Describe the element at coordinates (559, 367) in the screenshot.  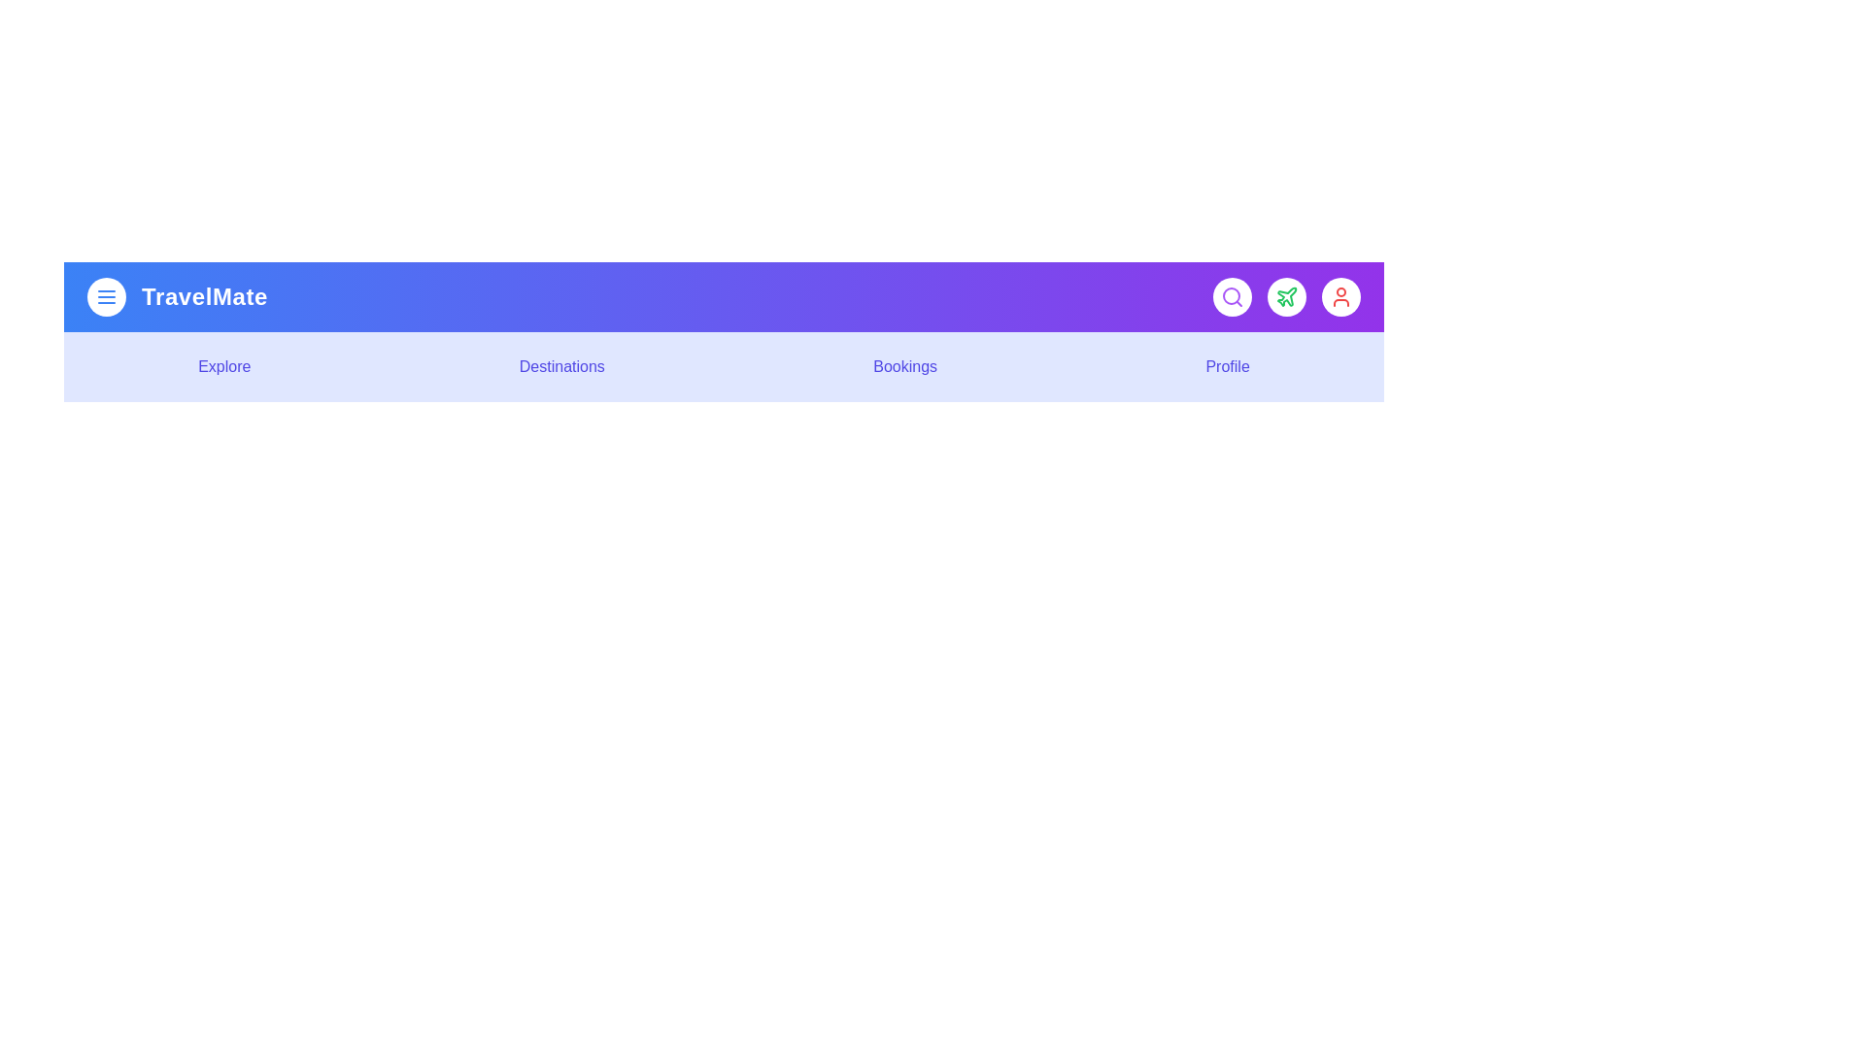
I see `the menu item Destinations to navigate to the corresponding section` at that location.